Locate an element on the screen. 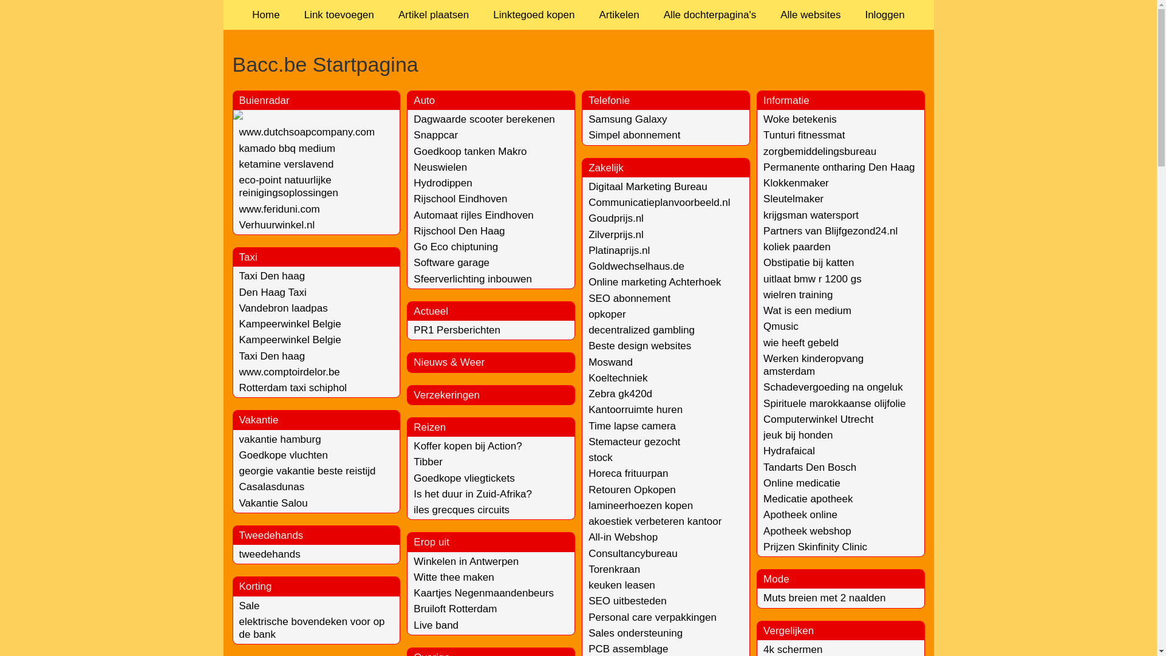  'Retouren Opkopen' is located at coordinates (632, 489).